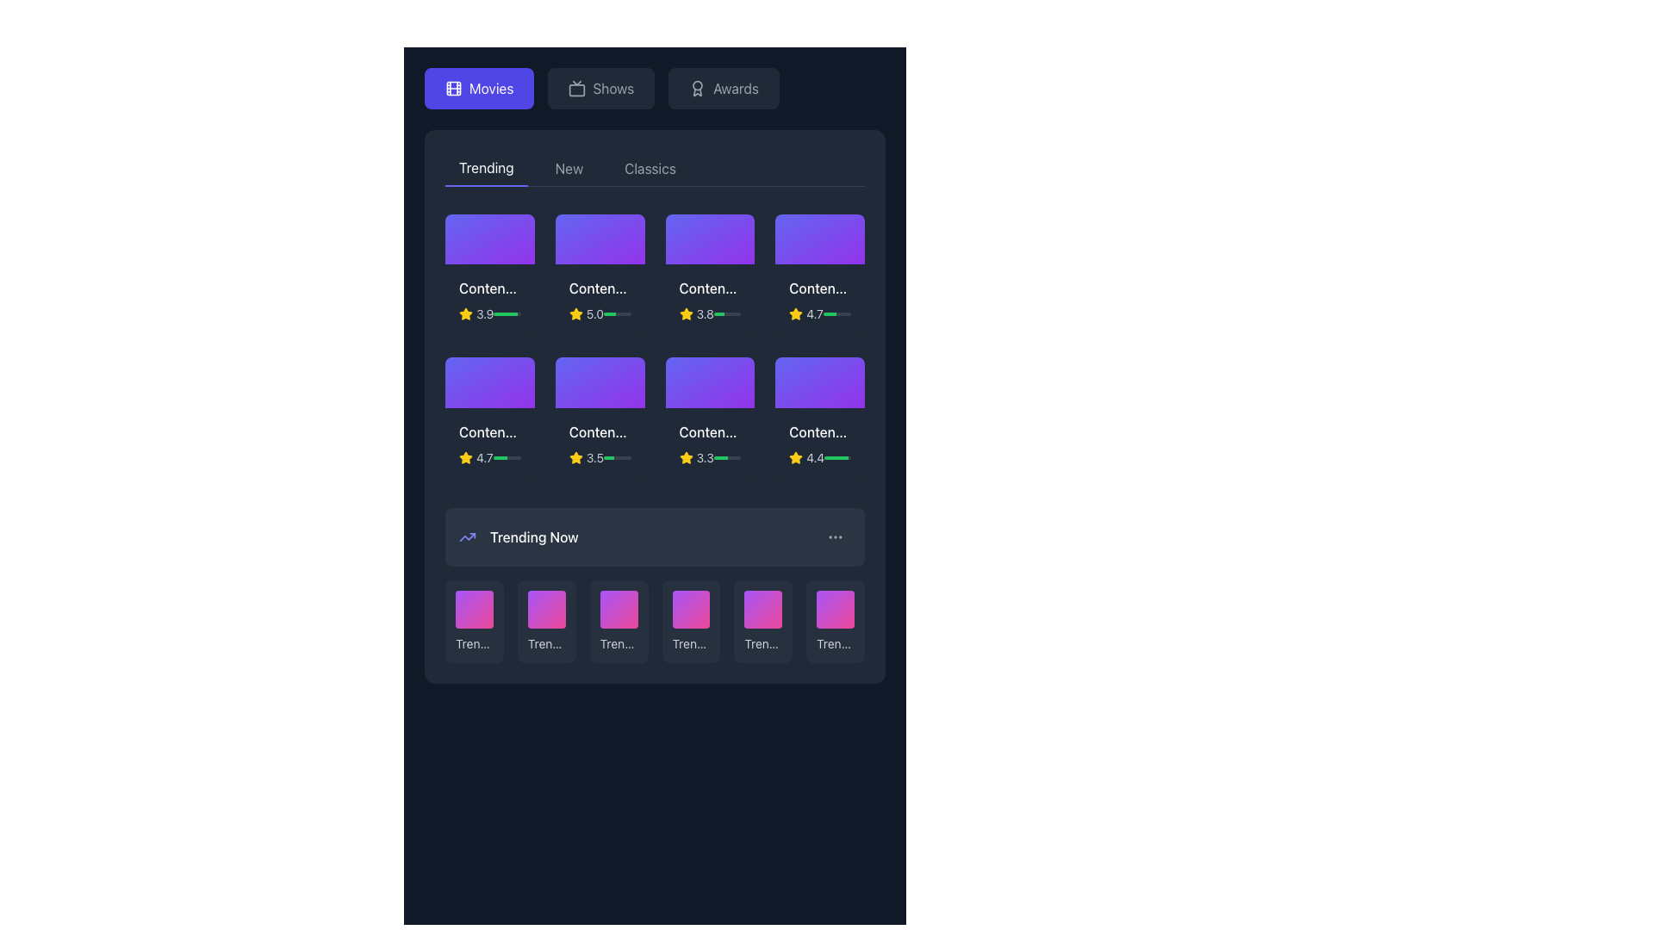 The image size is (1654, 930). I want to click on the value displayed in the rating system, which consists of a yellow star icon followed by the text '4.7' in gray, located in the top-right section of the 'Trending' content area under the 'Movies' category, so click(805, 314).